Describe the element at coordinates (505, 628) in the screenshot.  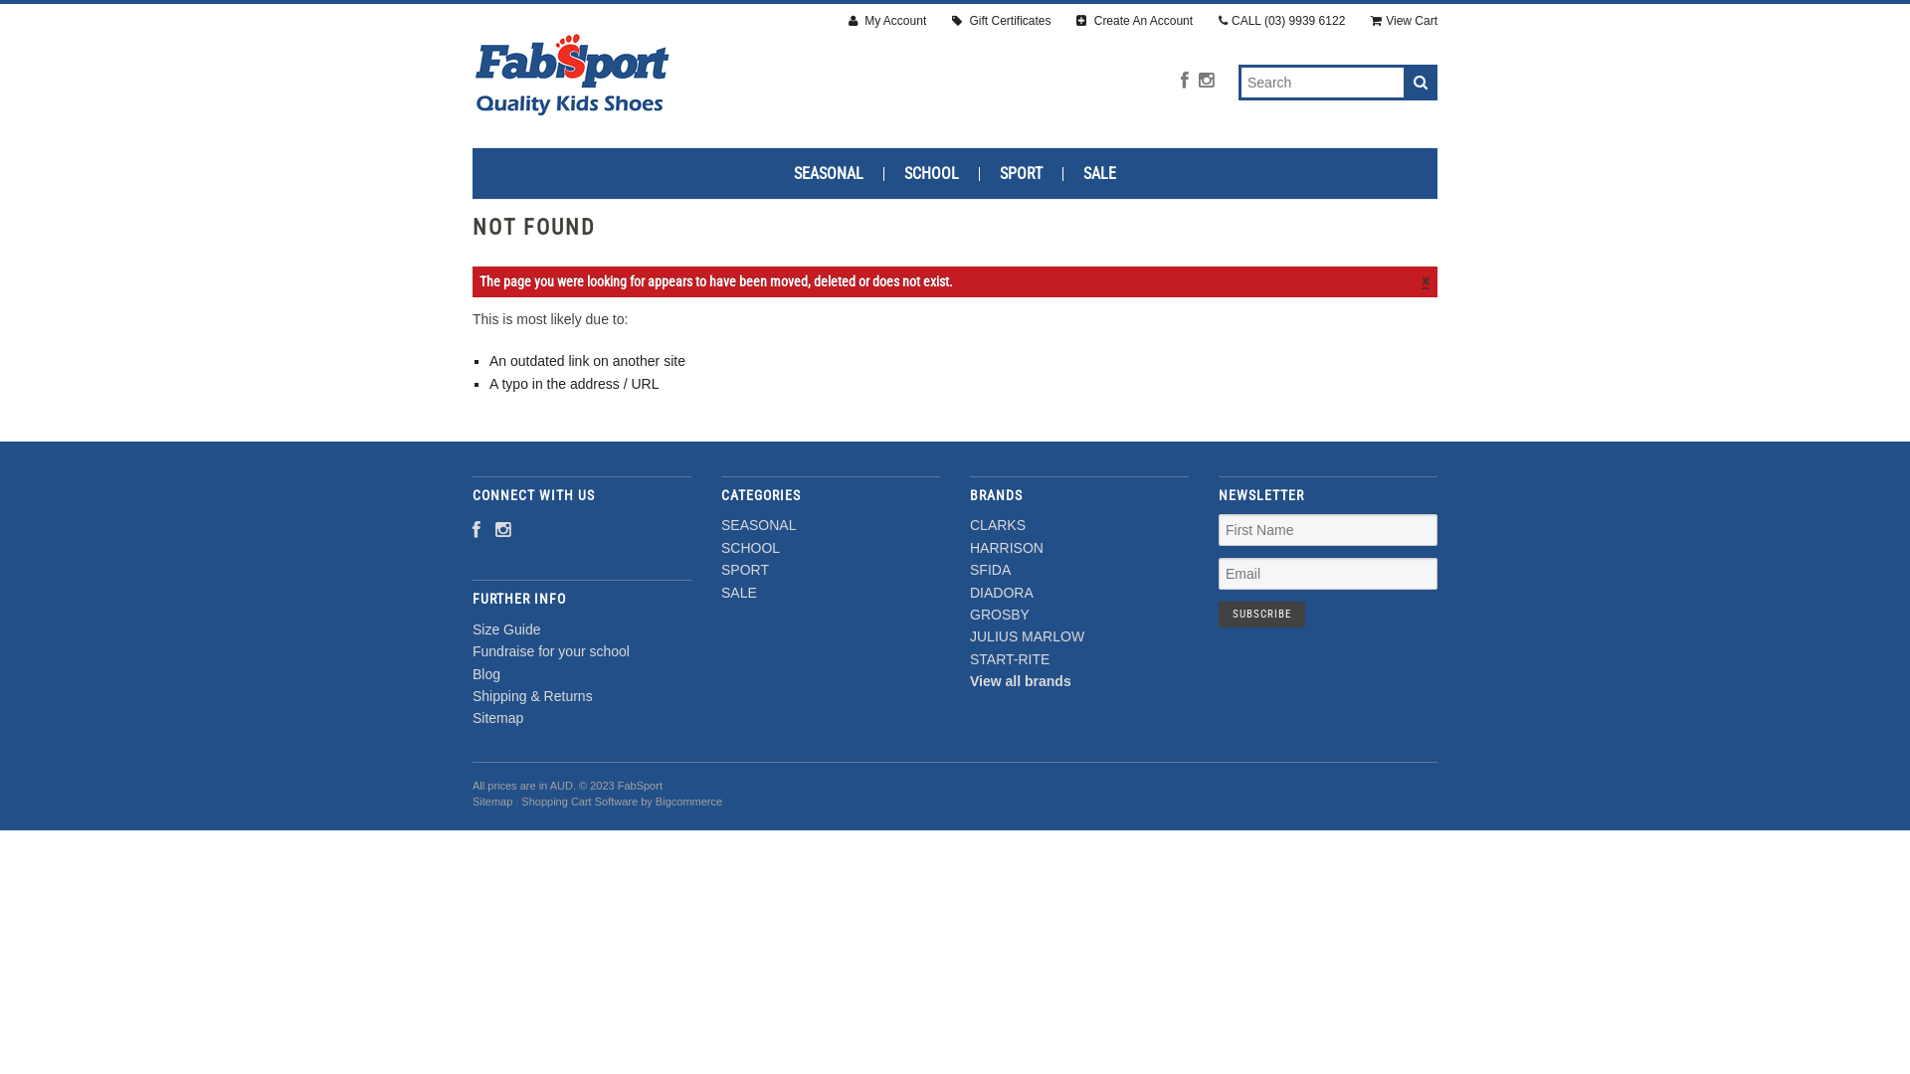
I see `'Size Guide'` at that location.